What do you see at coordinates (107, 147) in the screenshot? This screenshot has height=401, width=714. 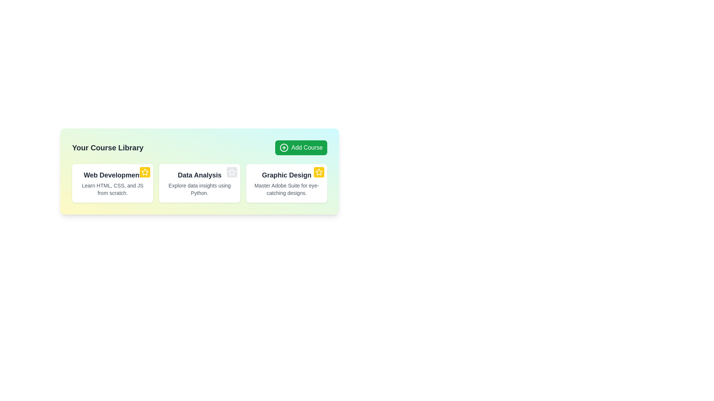 I see `the text label that serves as a heading for the course library, located to the left of the 'Add Course' button` at bounding box center [107, 147].